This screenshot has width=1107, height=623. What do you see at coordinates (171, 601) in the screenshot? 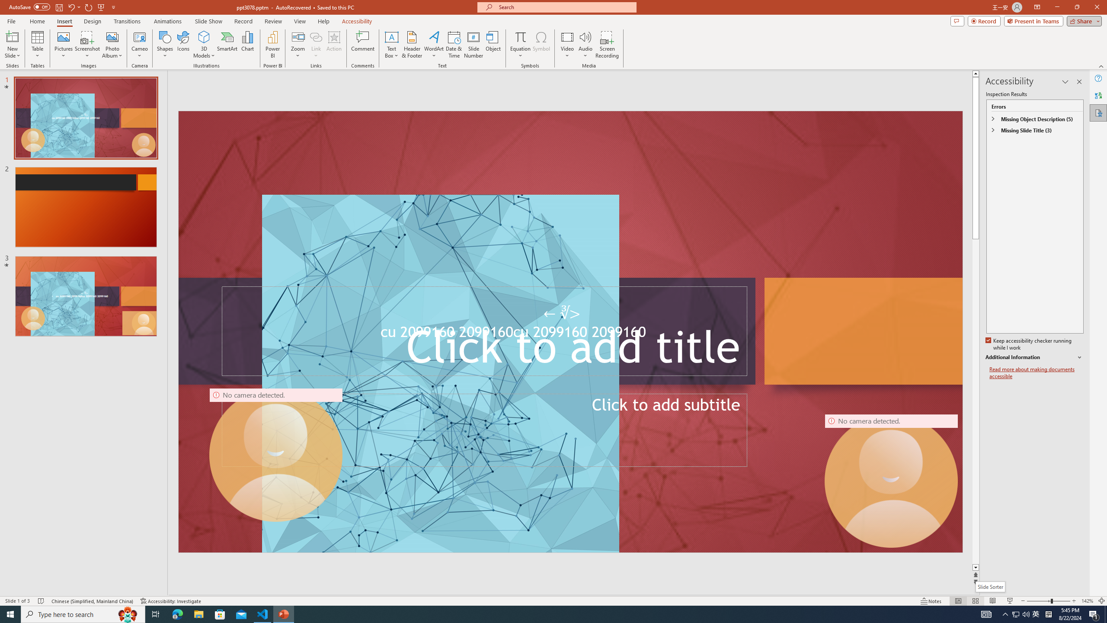
I see `'Accessibility Checker Accessibility: Investigate'` at bounding box center [171, 601].